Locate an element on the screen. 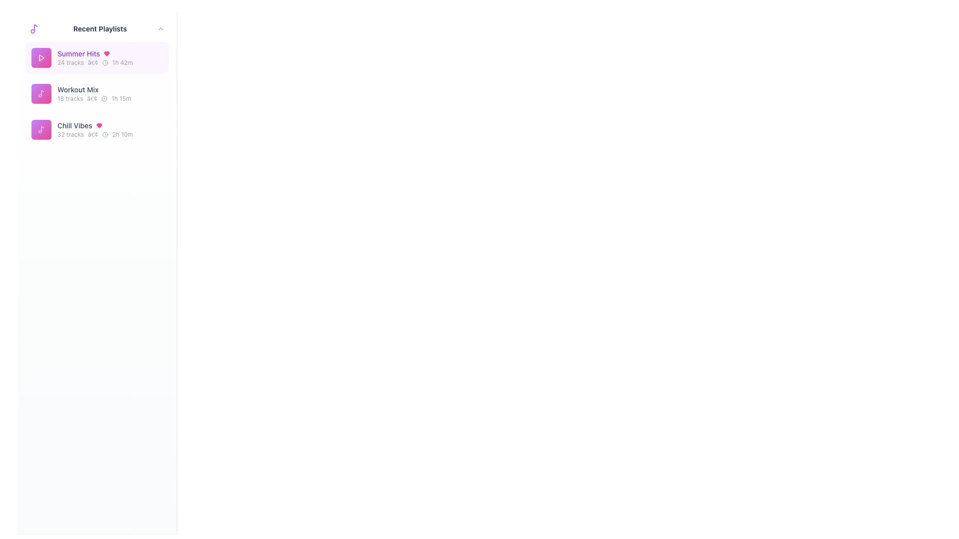 This screenshot has width=959, height=539. total duration displayed for the playlist 'Chill Vibes', which is a non-interactive text element located at the bottom section of the 'Recent Playlists' component is located at coordinates (122, 135).